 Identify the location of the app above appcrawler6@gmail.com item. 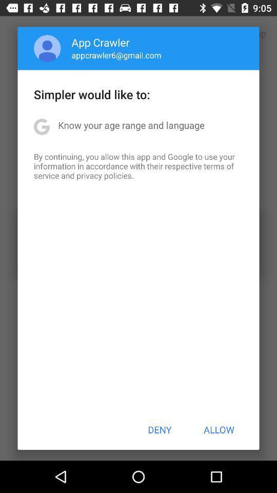
(101, 42).